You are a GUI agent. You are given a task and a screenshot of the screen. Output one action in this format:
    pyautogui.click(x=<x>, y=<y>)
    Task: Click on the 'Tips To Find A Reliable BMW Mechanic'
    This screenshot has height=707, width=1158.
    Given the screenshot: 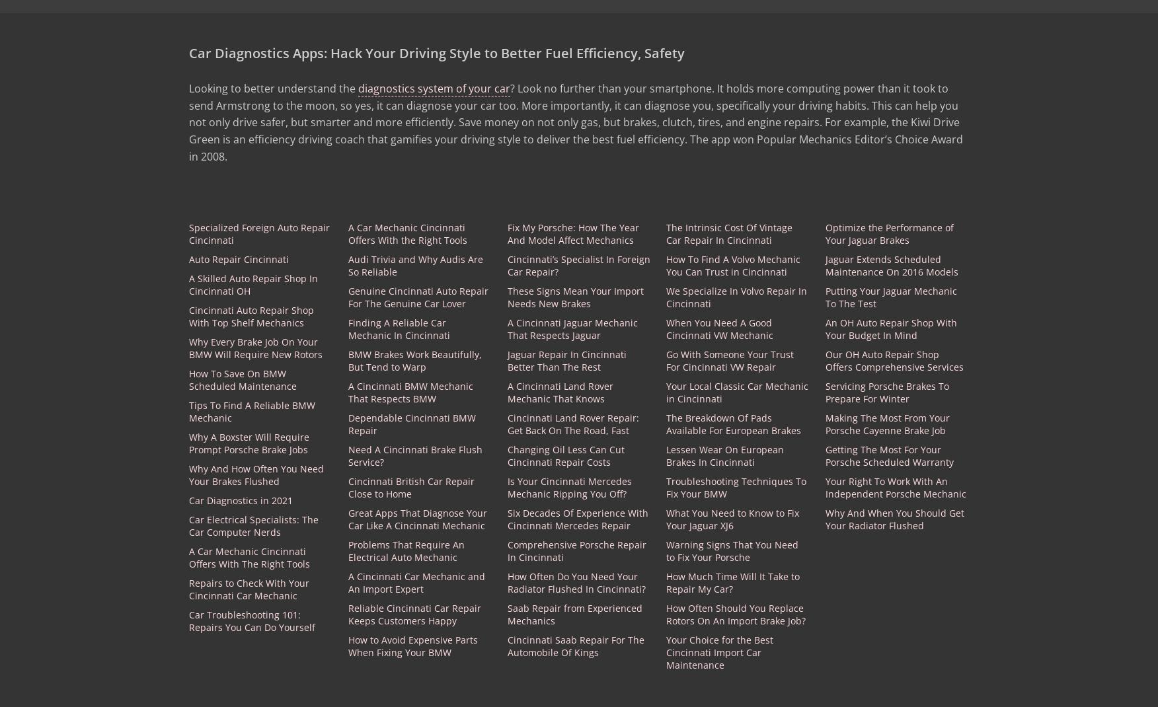 What is the action you would take?
    pyautogui.click(x=251, y=410)
    